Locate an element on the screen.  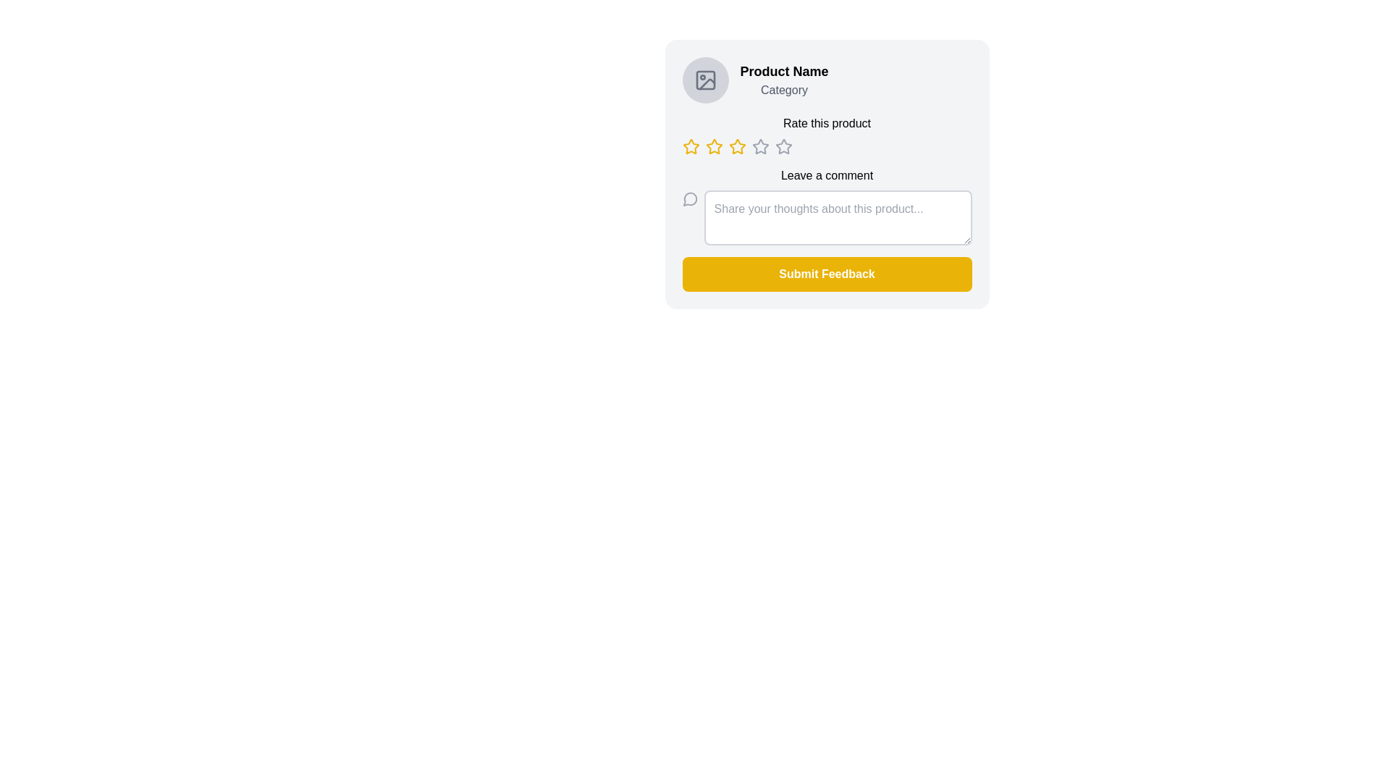
the header element displaying the product name and category to select the text is located at coordinates (827, 80).